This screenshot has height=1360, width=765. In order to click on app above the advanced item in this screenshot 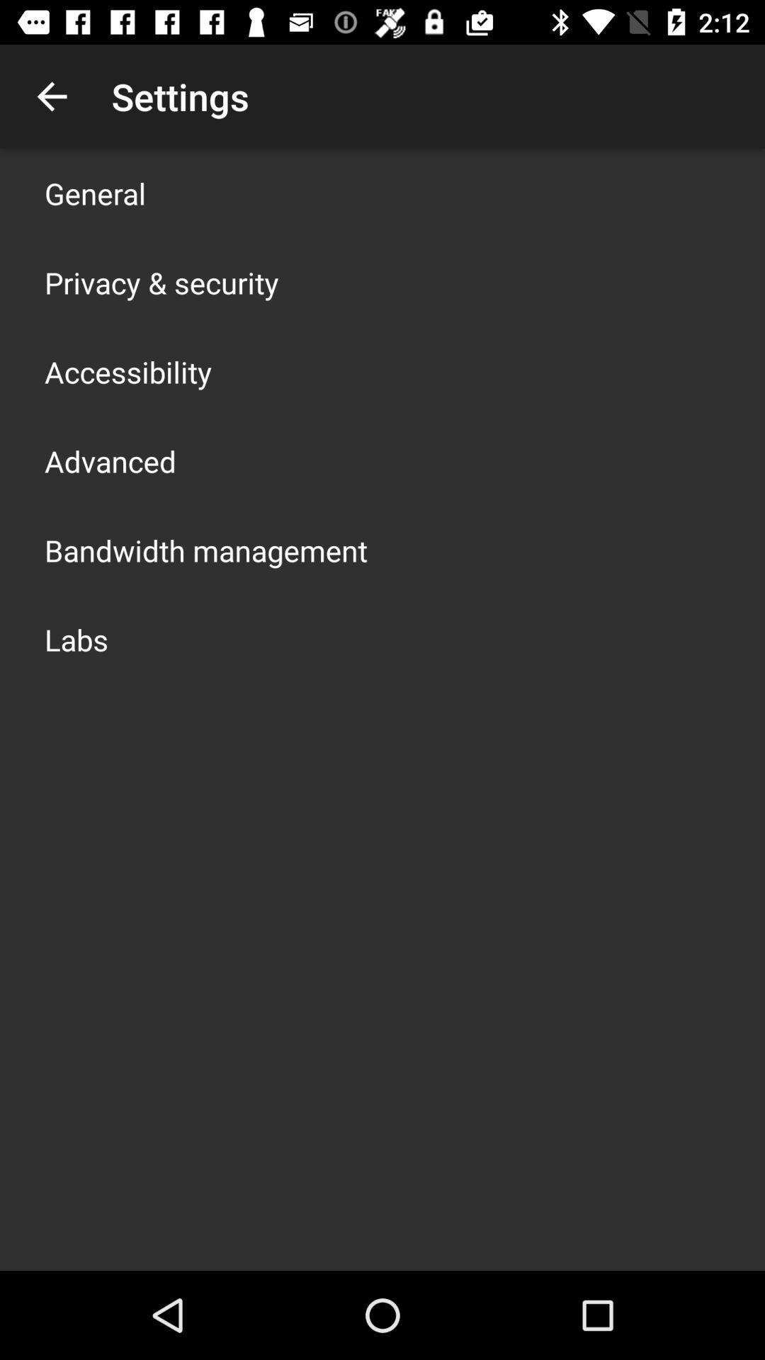, I will do `click(128, 371)`.